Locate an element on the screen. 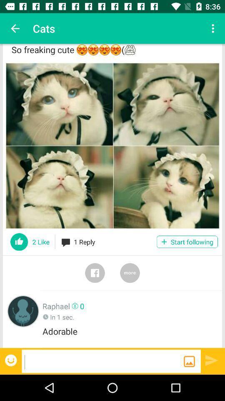  like button is located at coordinates (19, 242).